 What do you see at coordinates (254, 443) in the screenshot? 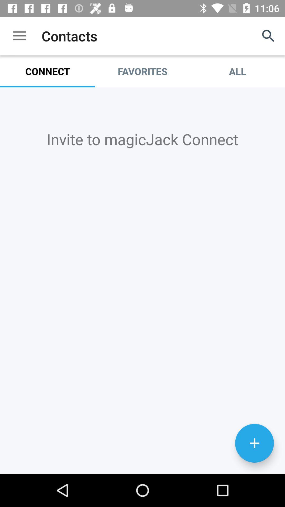
I see `connection` at bounding box center [254, 443].